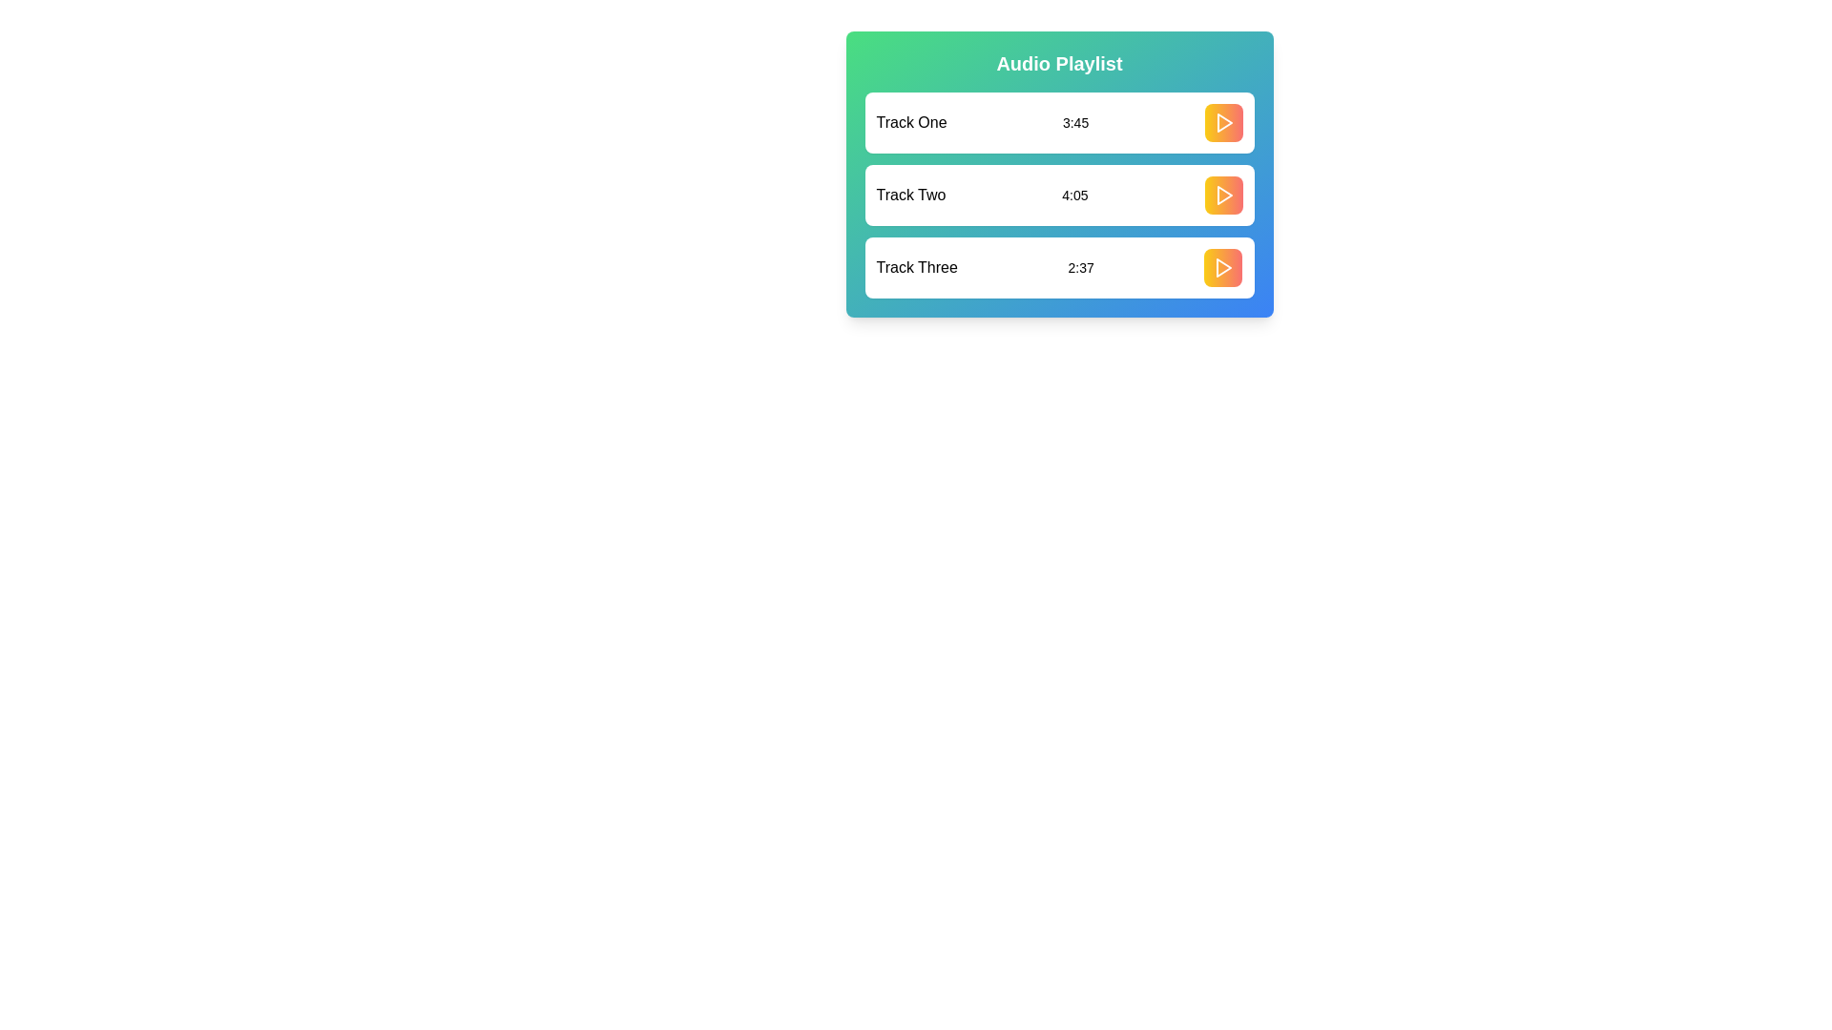 The height and width of the screenshot is (1030, 1832). What do you see at coordinates (1075, 195) in the screenshot?
I see `the text label displaying the duration of 'Track Two', which is located in the second row of track items, aligned to the right of 'Track Two' and next to the play button` at bounding box center [1075, 195].